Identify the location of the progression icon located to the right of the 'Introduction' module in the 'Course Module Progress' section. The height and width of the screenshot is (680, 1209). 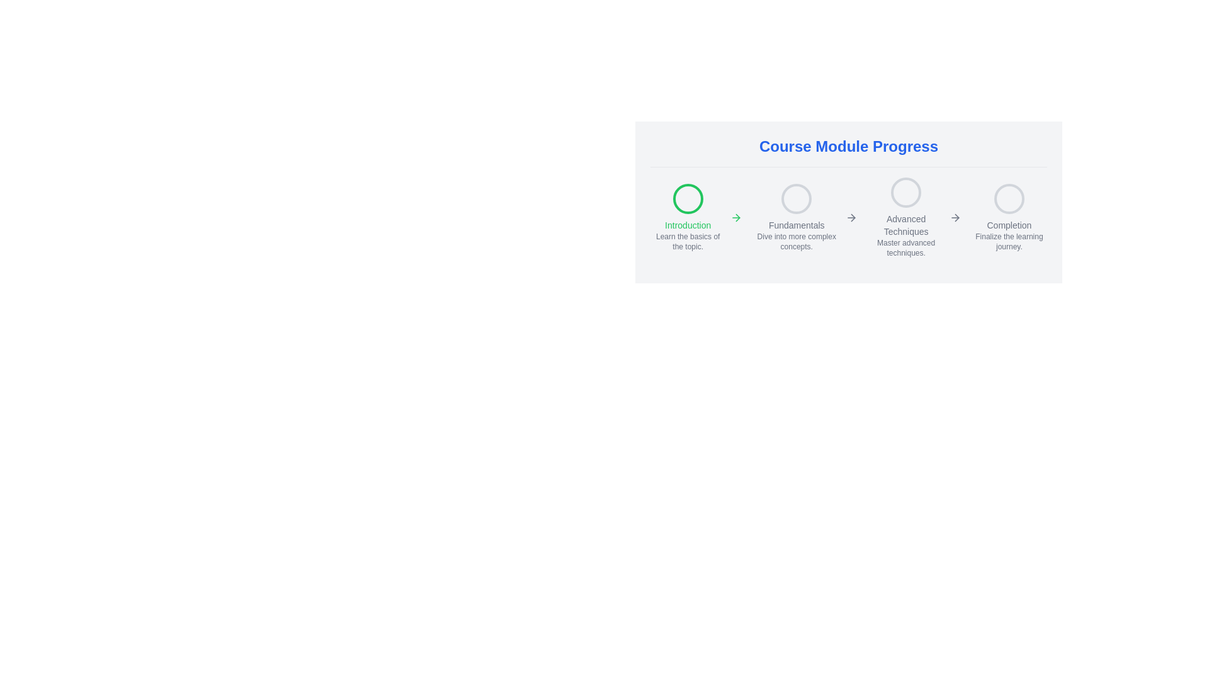
(738, 217).